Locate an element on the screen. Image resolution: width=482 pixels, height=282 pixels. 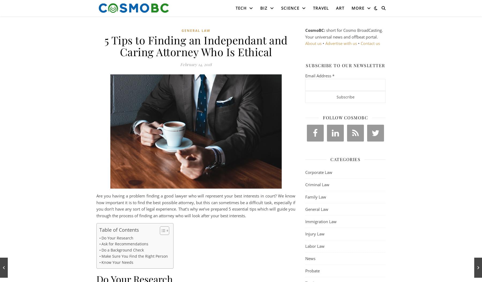
'Are you having a problem finding a good lawyer who will represent your best interests in court? We know how important it is to find the best possible attorney, but this can sometimes be a difficult task, especially if you don’t have any sort of legal experience. That’s why we’ve prepared 5 essential tips which will guide you through the process of finding an attorney who will look after your best interests.' is located at coordinates (195, 205).